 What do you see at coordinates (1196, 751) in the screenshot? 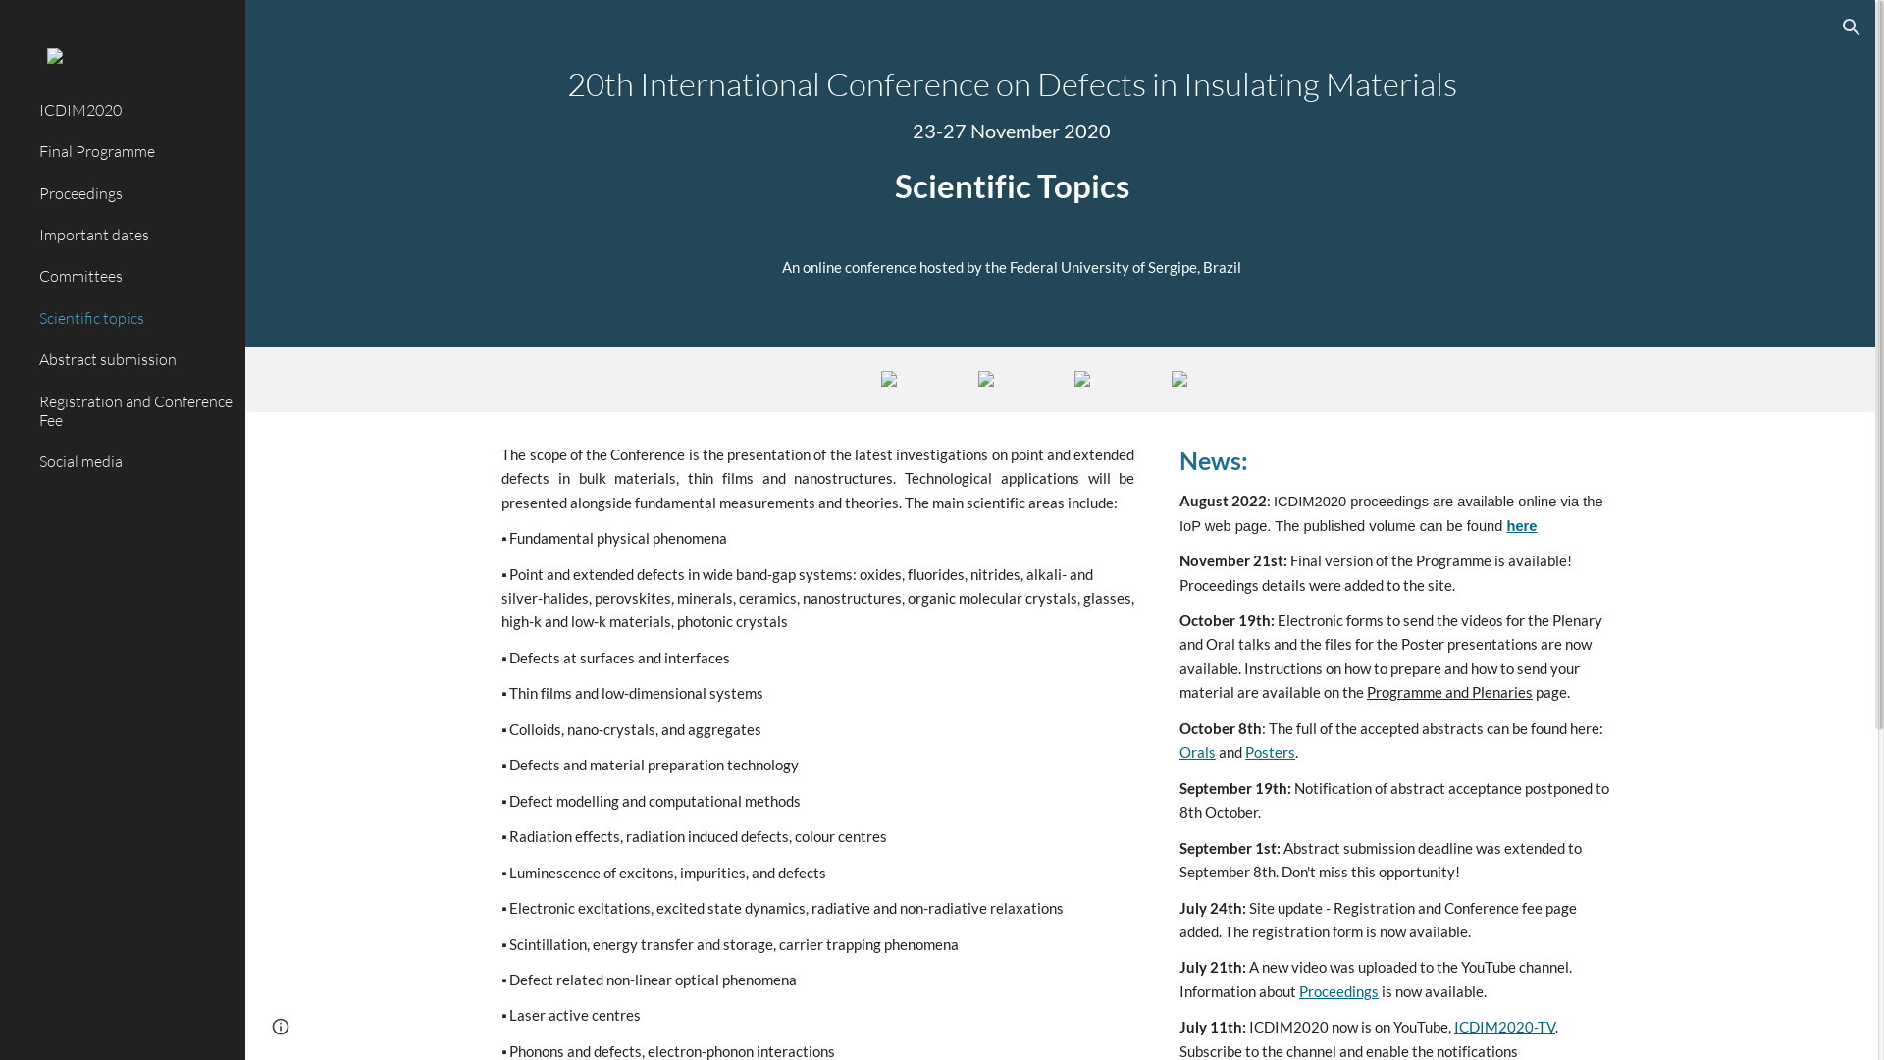
I see `'Orals'` at bounding box center [1196, 751].